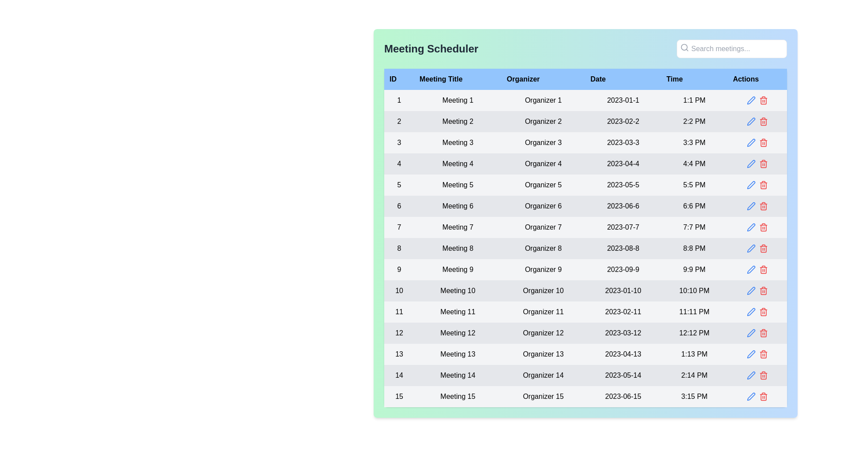 The width and height of the screenshot is (847, 476). What do you see at coordinates (763, 142) in the screenshot?
I see `the trash bin icon button` at bounding box center [763, 142].